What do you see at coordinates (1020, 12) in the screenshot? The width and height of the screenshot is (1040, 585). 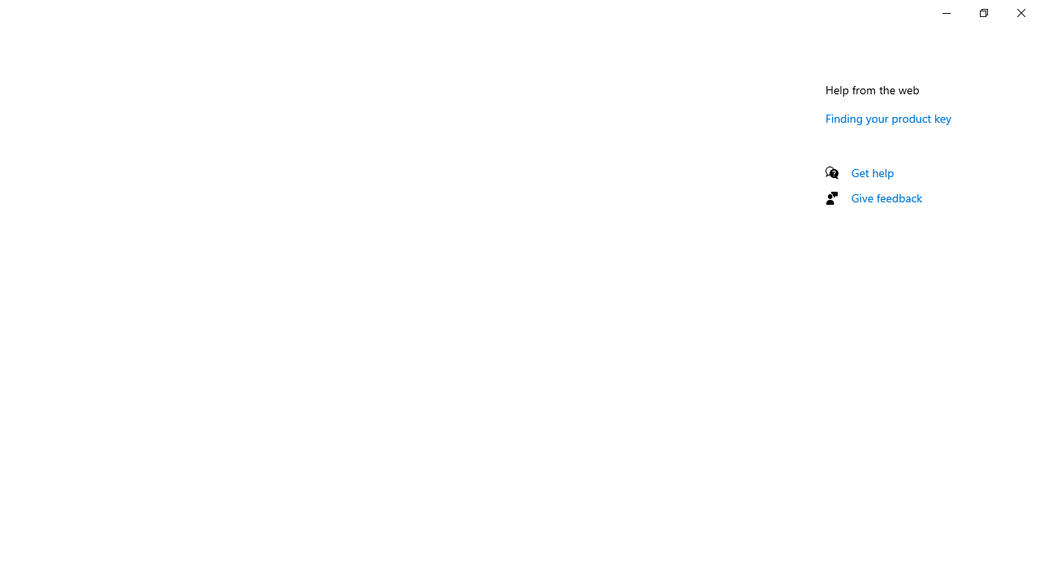 I see `'Close Settings'` at bounding box center [1020, 12].